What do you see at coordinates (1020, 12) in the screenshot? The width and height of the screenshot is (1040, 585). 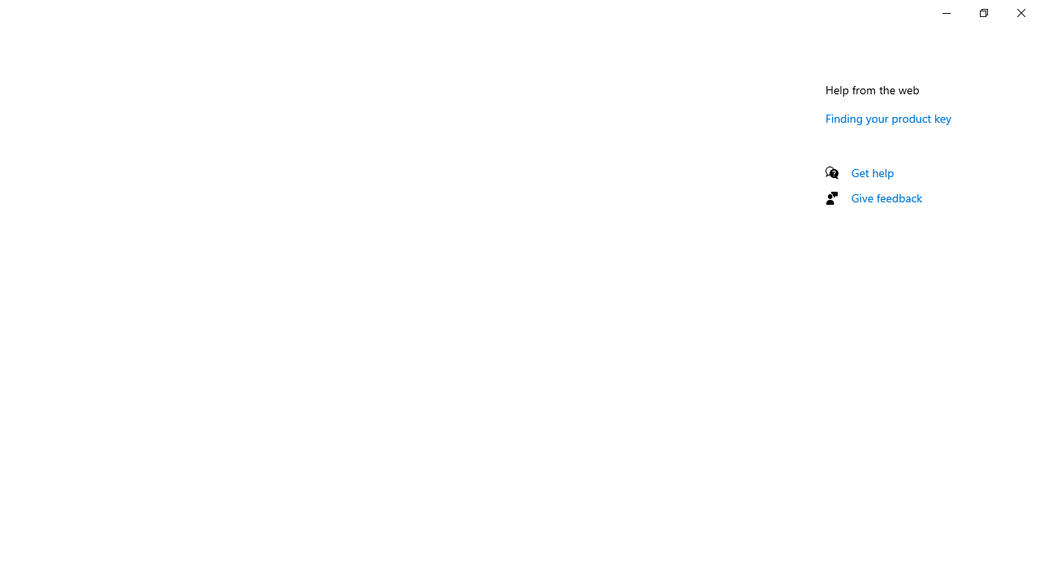 I see `'Close Settings'` at bounding box center [1020, 12].